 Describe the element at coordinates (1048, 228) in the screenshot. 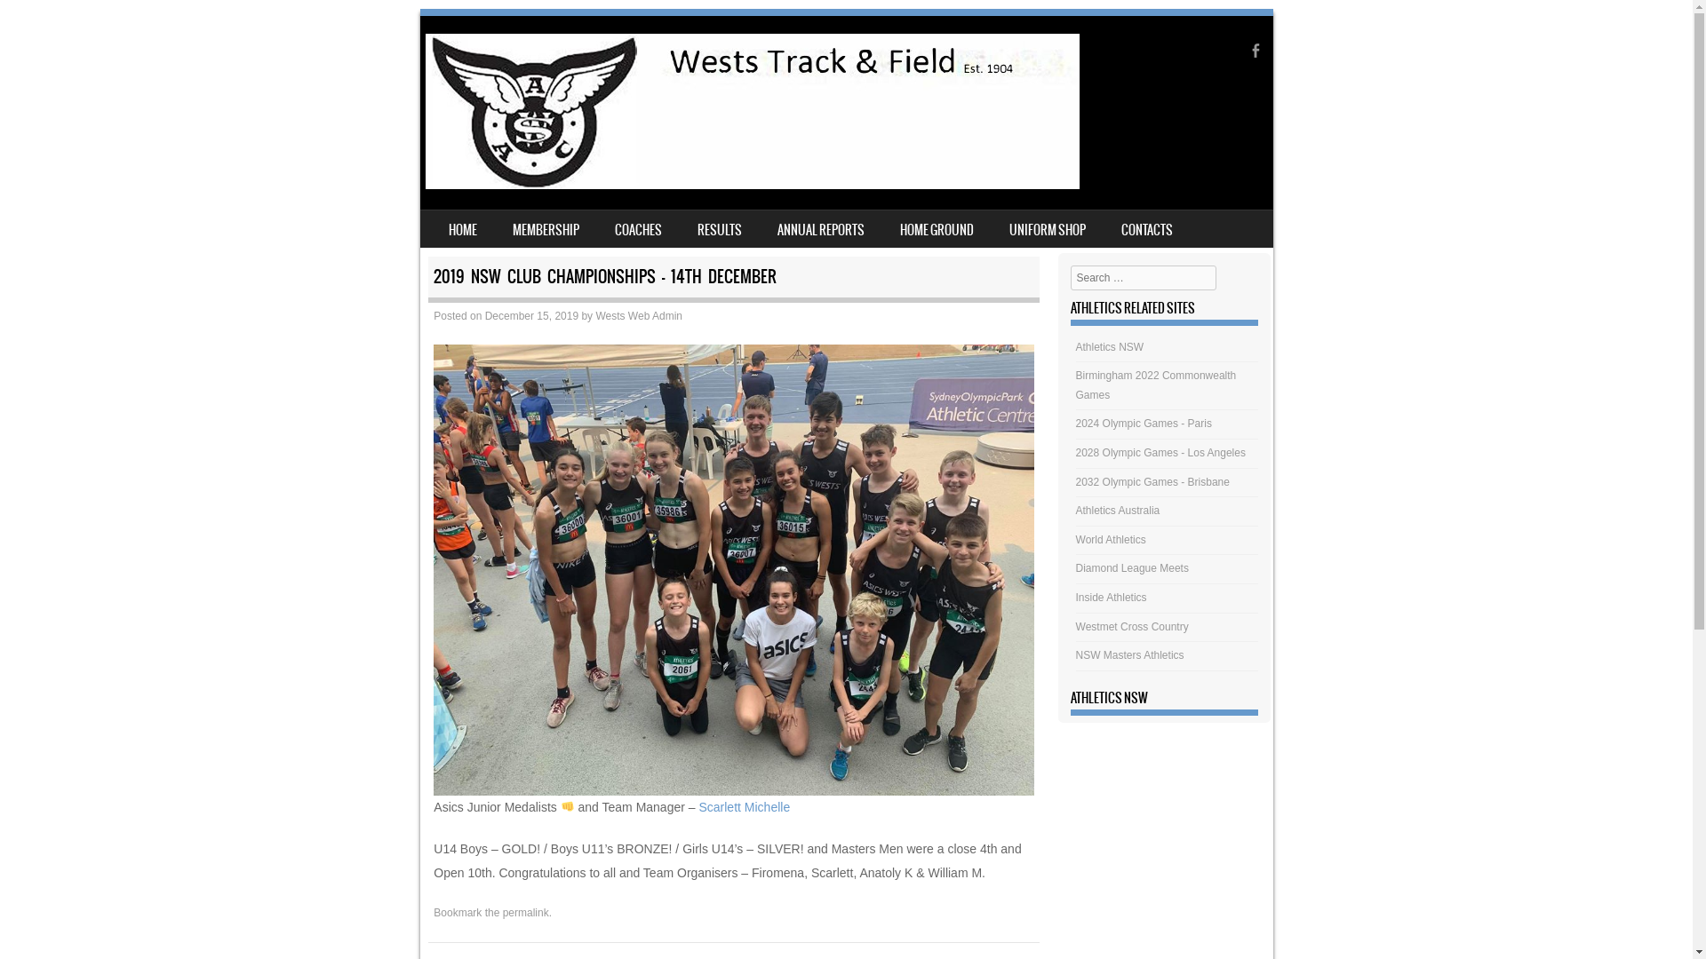

I see `'UNIFORM SHOP'` at that location.